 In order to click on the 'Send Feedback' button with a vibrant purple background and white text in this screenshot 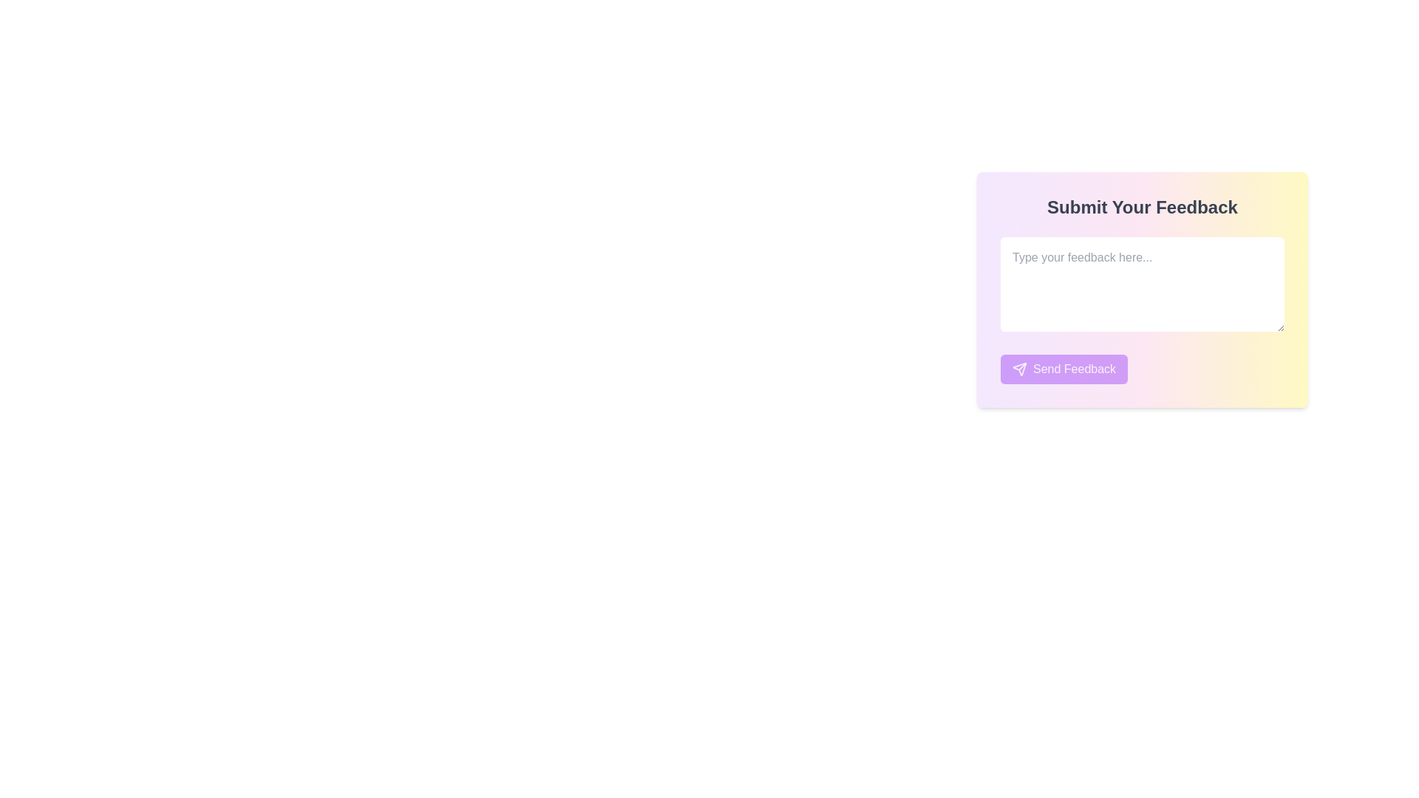, I will do `click(1064, 369)`.